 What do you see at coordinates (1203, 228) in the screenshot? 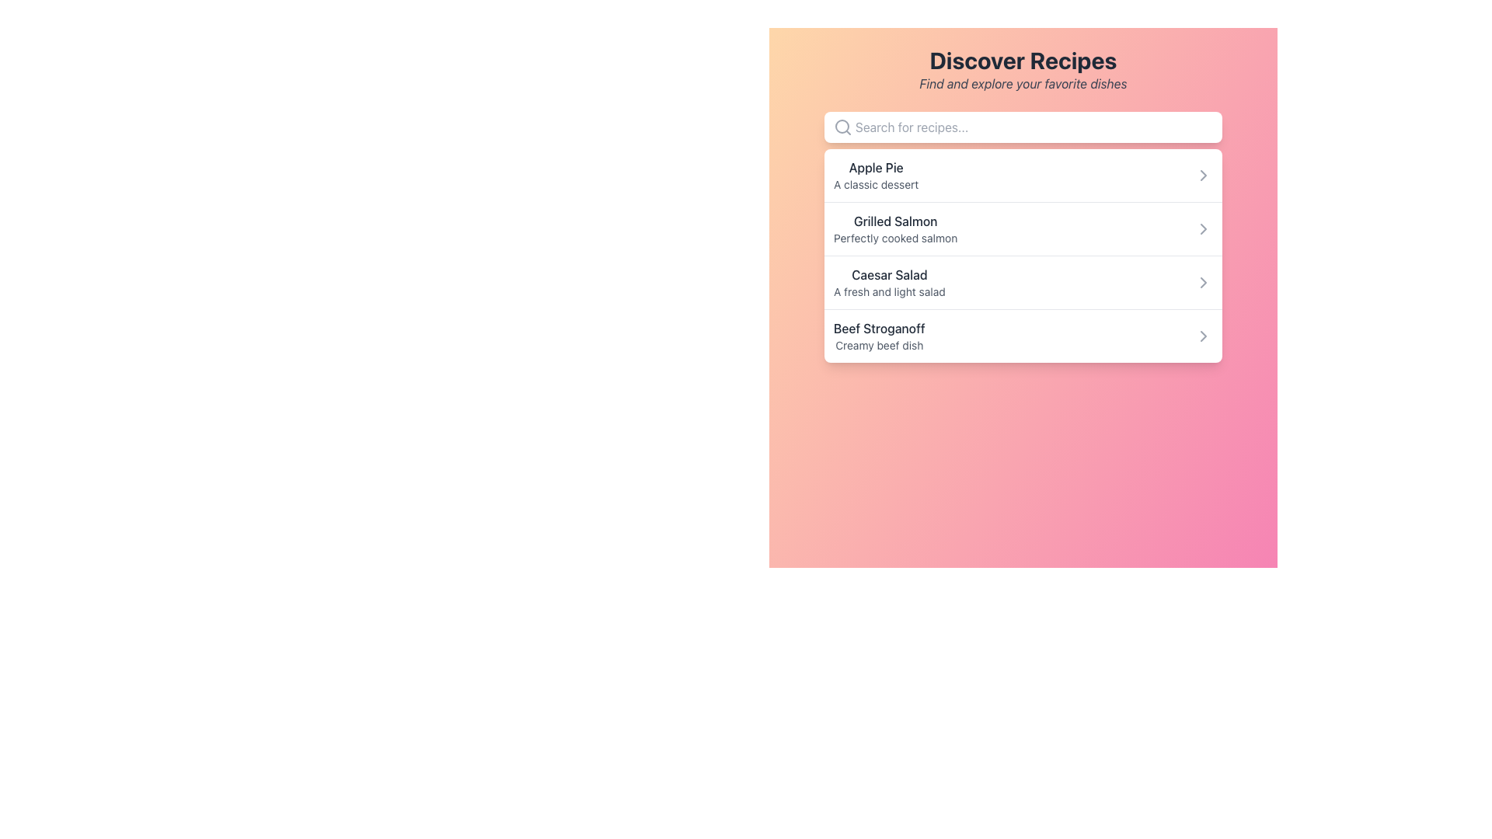
I see `the right-pointing gray chevron icon located at the far right of the list item labeled 'Grilled Salmon'` at bounding box center [1203, 228].